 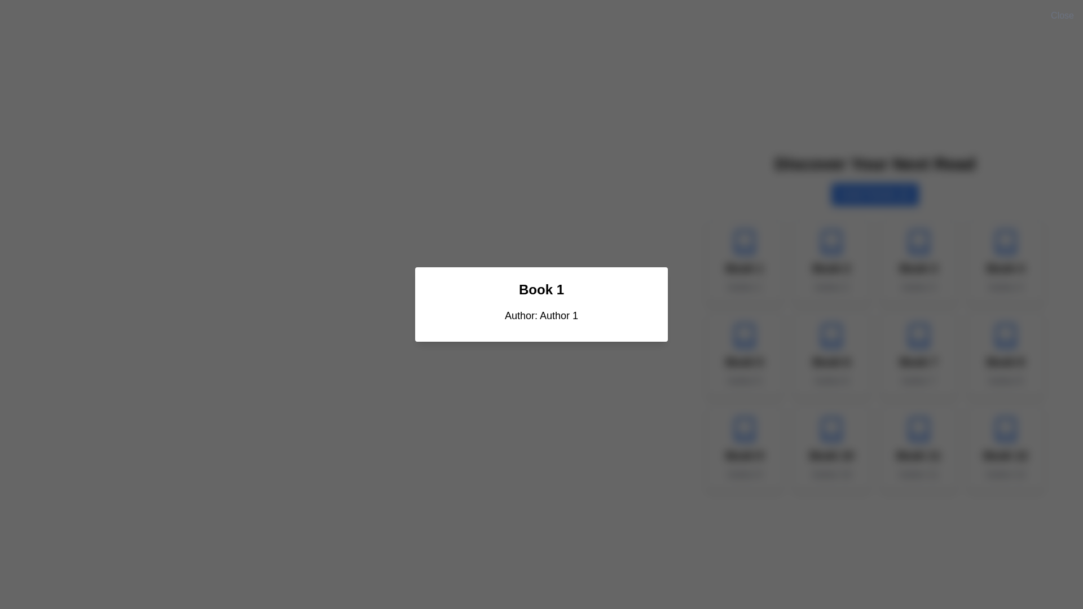 I want to click on the text label displaying the title 'Book 7', so click(x=918, y=361).